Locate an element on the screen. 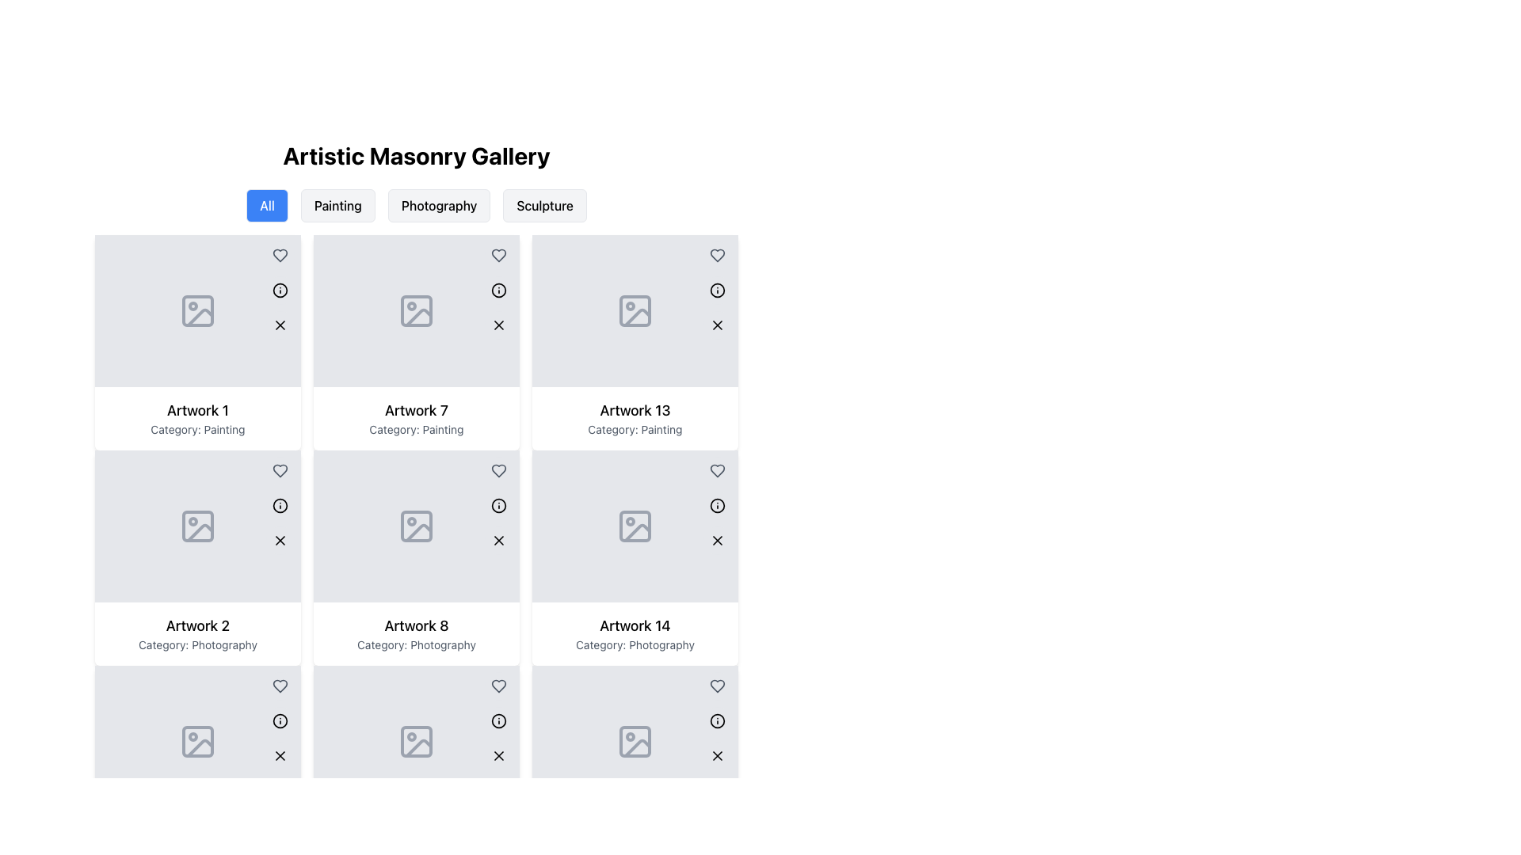  the text label styled in small gray font that reads 'Category: Painting', located beneath the heading 'Artwork 1' in the first column of the artwork grid is located at coordinates (196, 430).